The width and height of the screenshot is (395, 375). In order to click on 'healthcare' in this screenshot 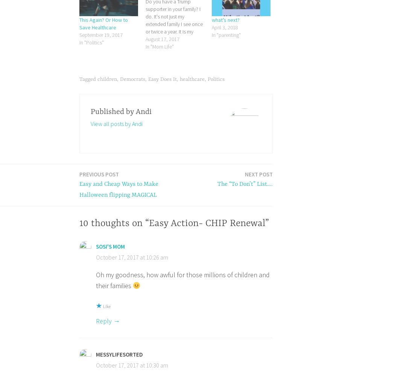, I will do `click(192, 79)`.